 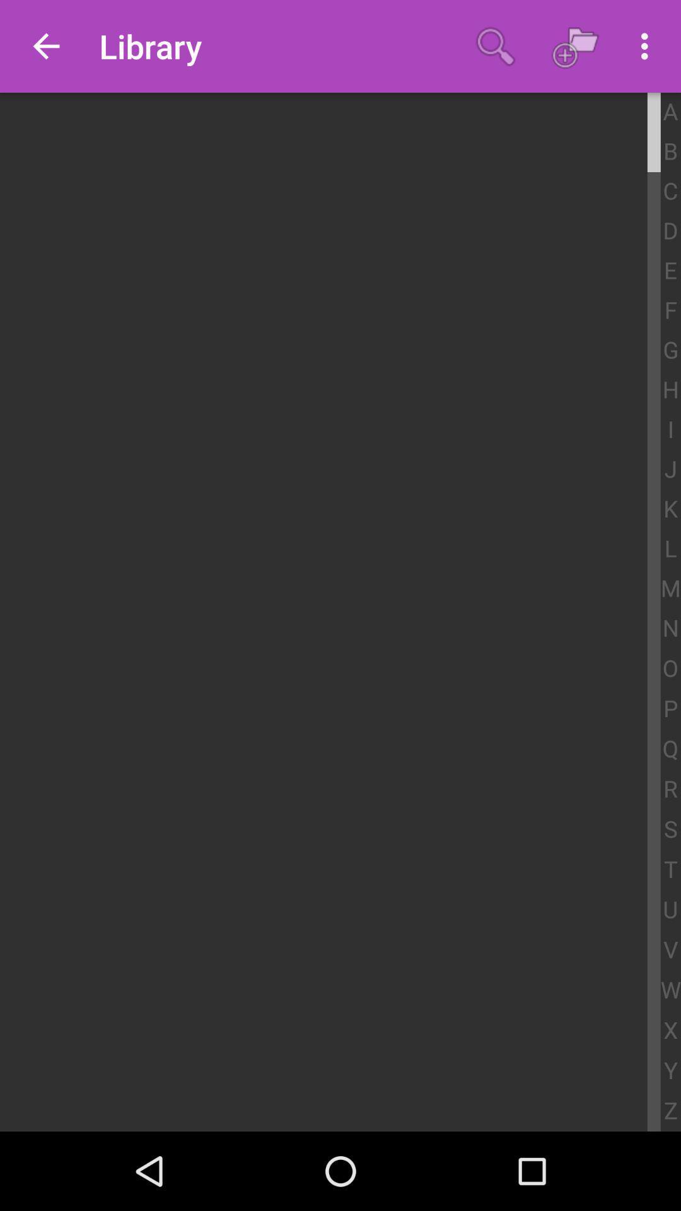 What do you see at coordinates (45, 46) in the screenshot?
I see `item to the left of the library` at bounding box center [45, 46].